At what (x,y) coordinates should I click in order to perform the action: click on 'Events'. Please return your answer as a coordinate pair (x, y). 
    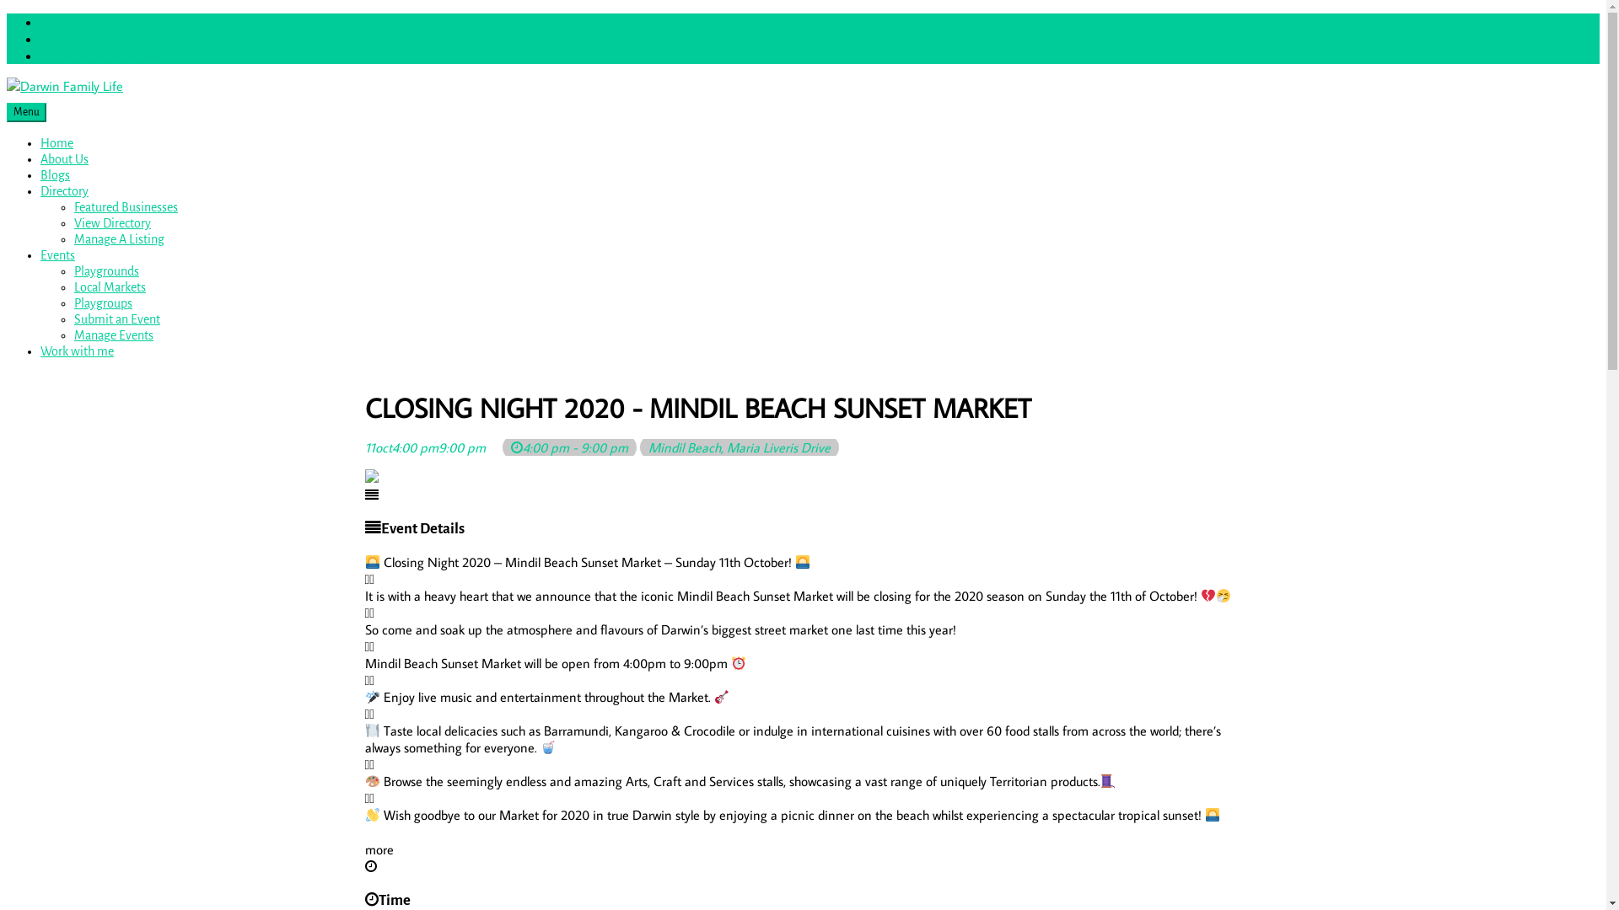
    Looking at the image, I should click on (40, 255).